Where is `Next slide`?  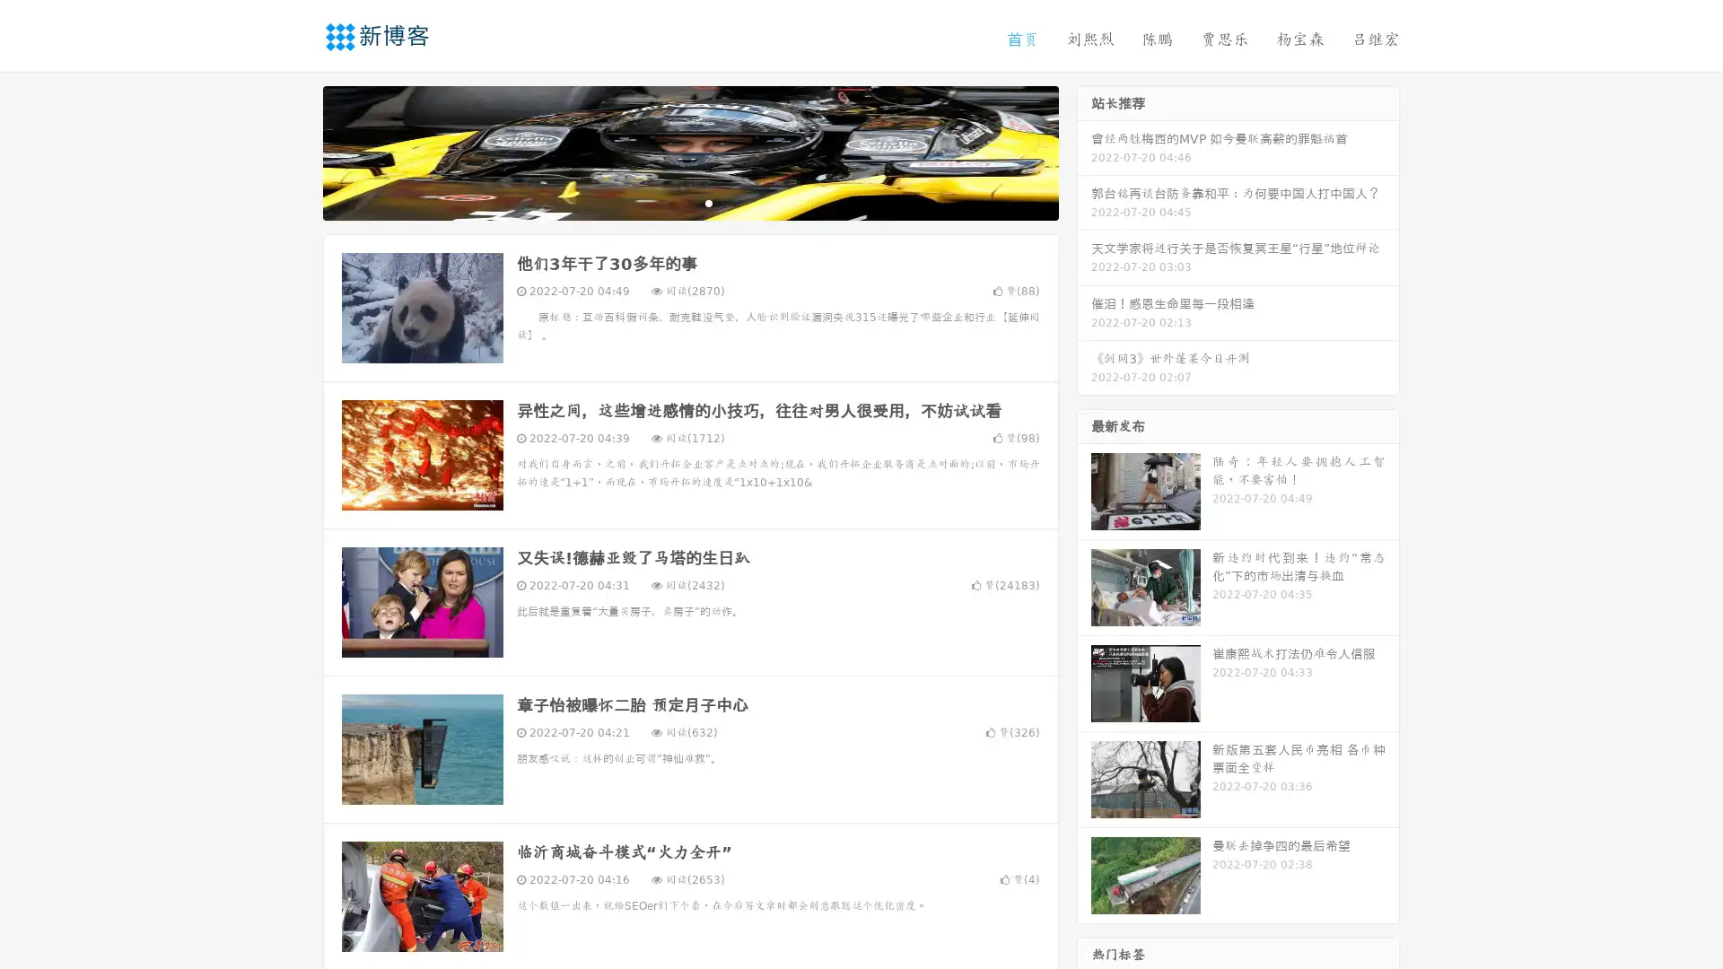
Next slide is located at coordinates (1084, 151).